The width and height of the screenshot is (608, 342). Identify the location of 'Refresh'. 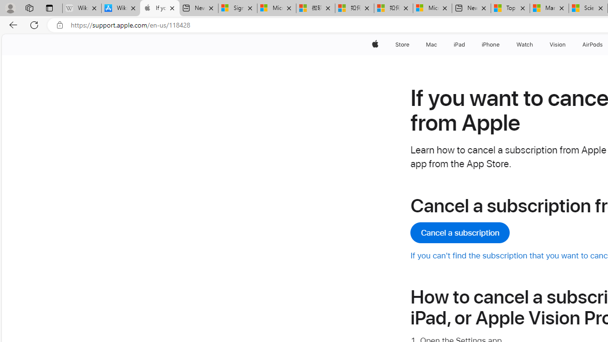
(34, 24).